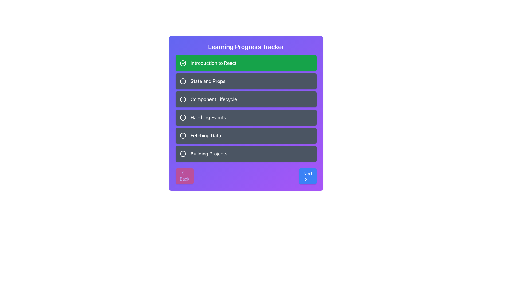 The image size is (513, 288). I want to click on the right-facing chevron icon inside the 'Next' button located at the bottom-right corner of the interface, so click(306, 179).